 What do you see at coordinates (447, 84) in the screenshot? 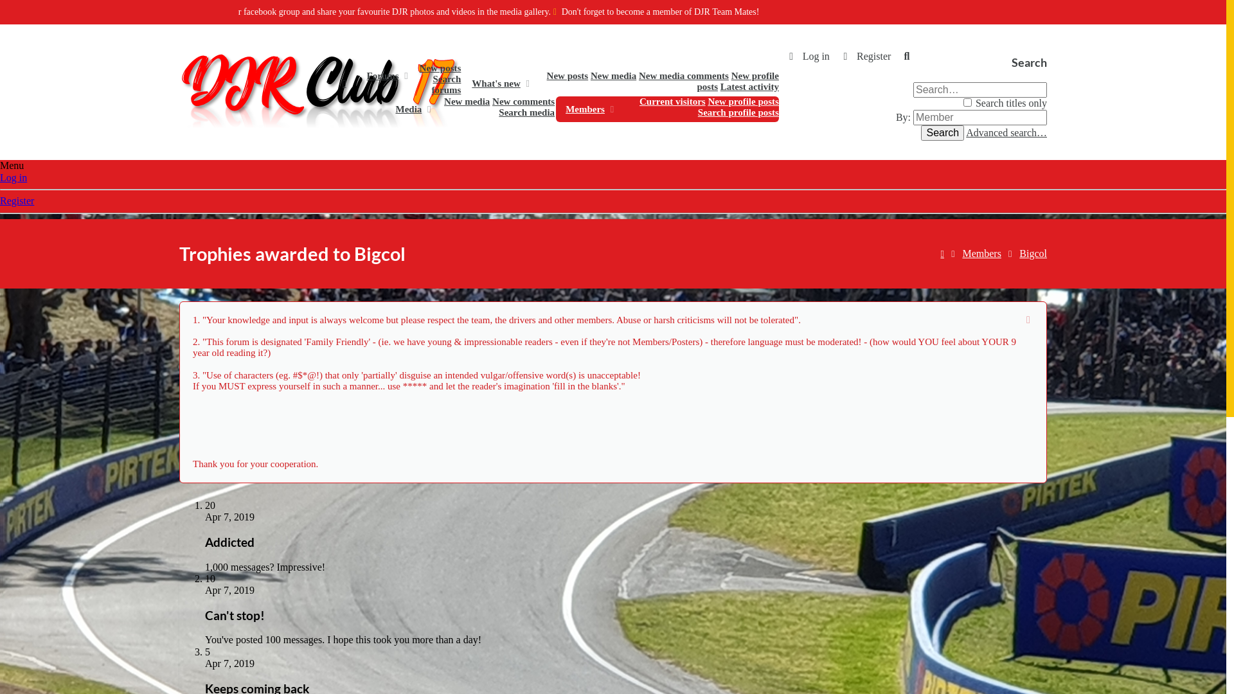
I see `'Search forums'` at bounding box center [447, 84].